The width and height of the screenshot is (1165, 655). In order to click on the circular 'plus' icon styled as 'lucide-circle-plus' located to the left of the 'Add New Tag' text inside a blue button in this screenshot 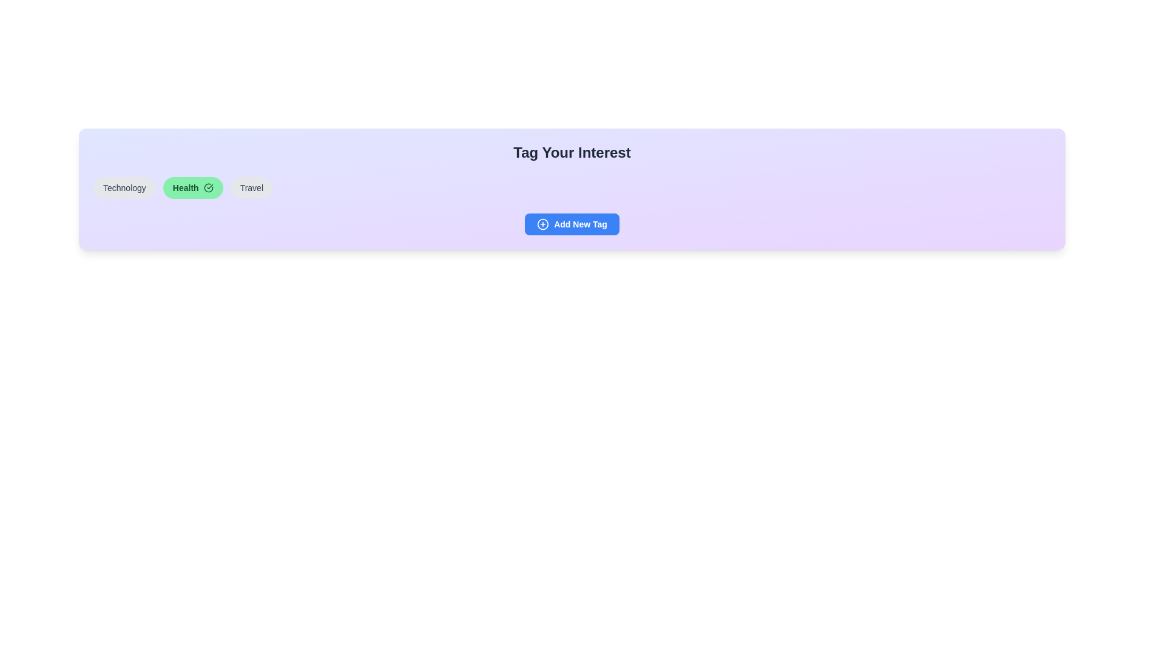, I will do `click(542, 224)`.